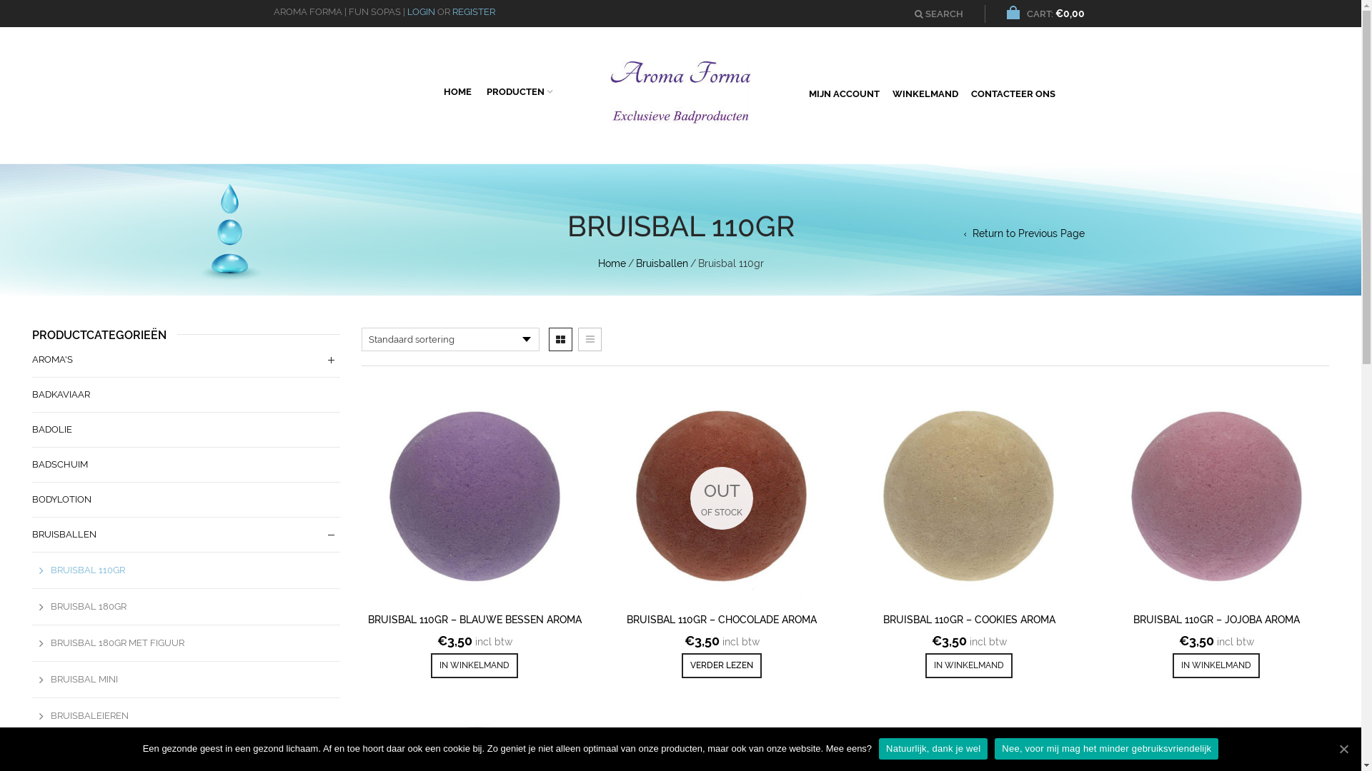 The width and height of the screenshot is (1372, 771). Describe the element at coordinates (721, 498) in the screenshot. I see `'OUT` at that location.